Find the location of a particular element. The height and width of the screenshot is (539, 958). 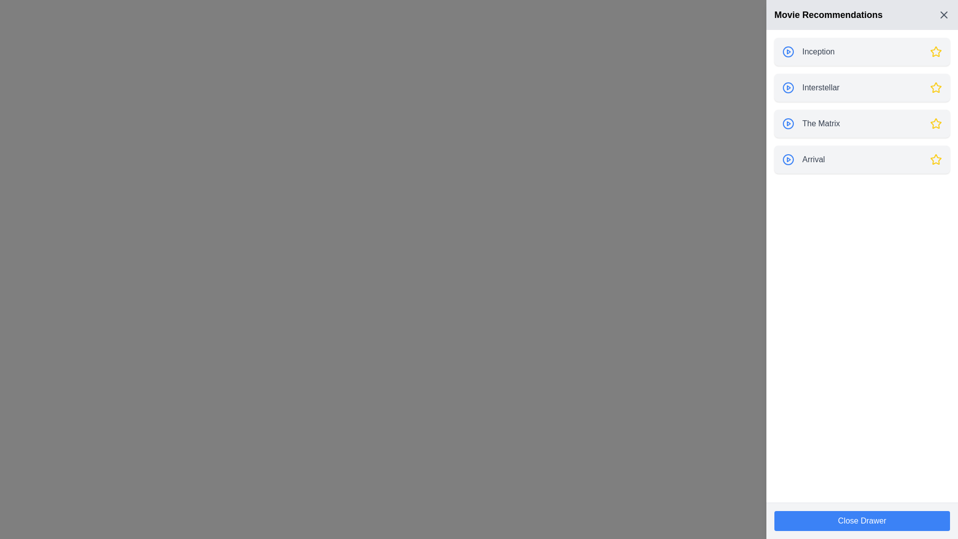

the play button icon with a blue border and play symbol, located to the left of the 'Interstellar' text in the Movie Recommendations section is located at coordinates (787, 87).